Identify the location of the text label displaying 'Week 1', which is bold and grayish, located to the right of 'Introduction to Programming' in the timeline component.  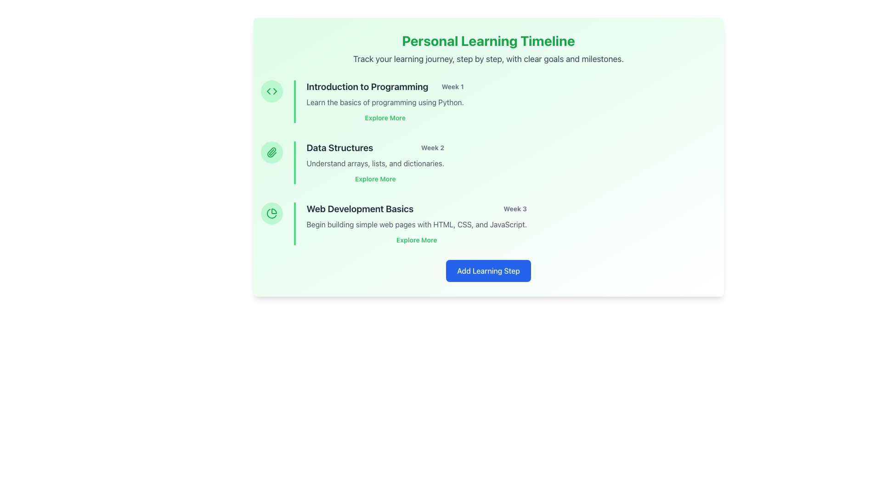
(452, 87).